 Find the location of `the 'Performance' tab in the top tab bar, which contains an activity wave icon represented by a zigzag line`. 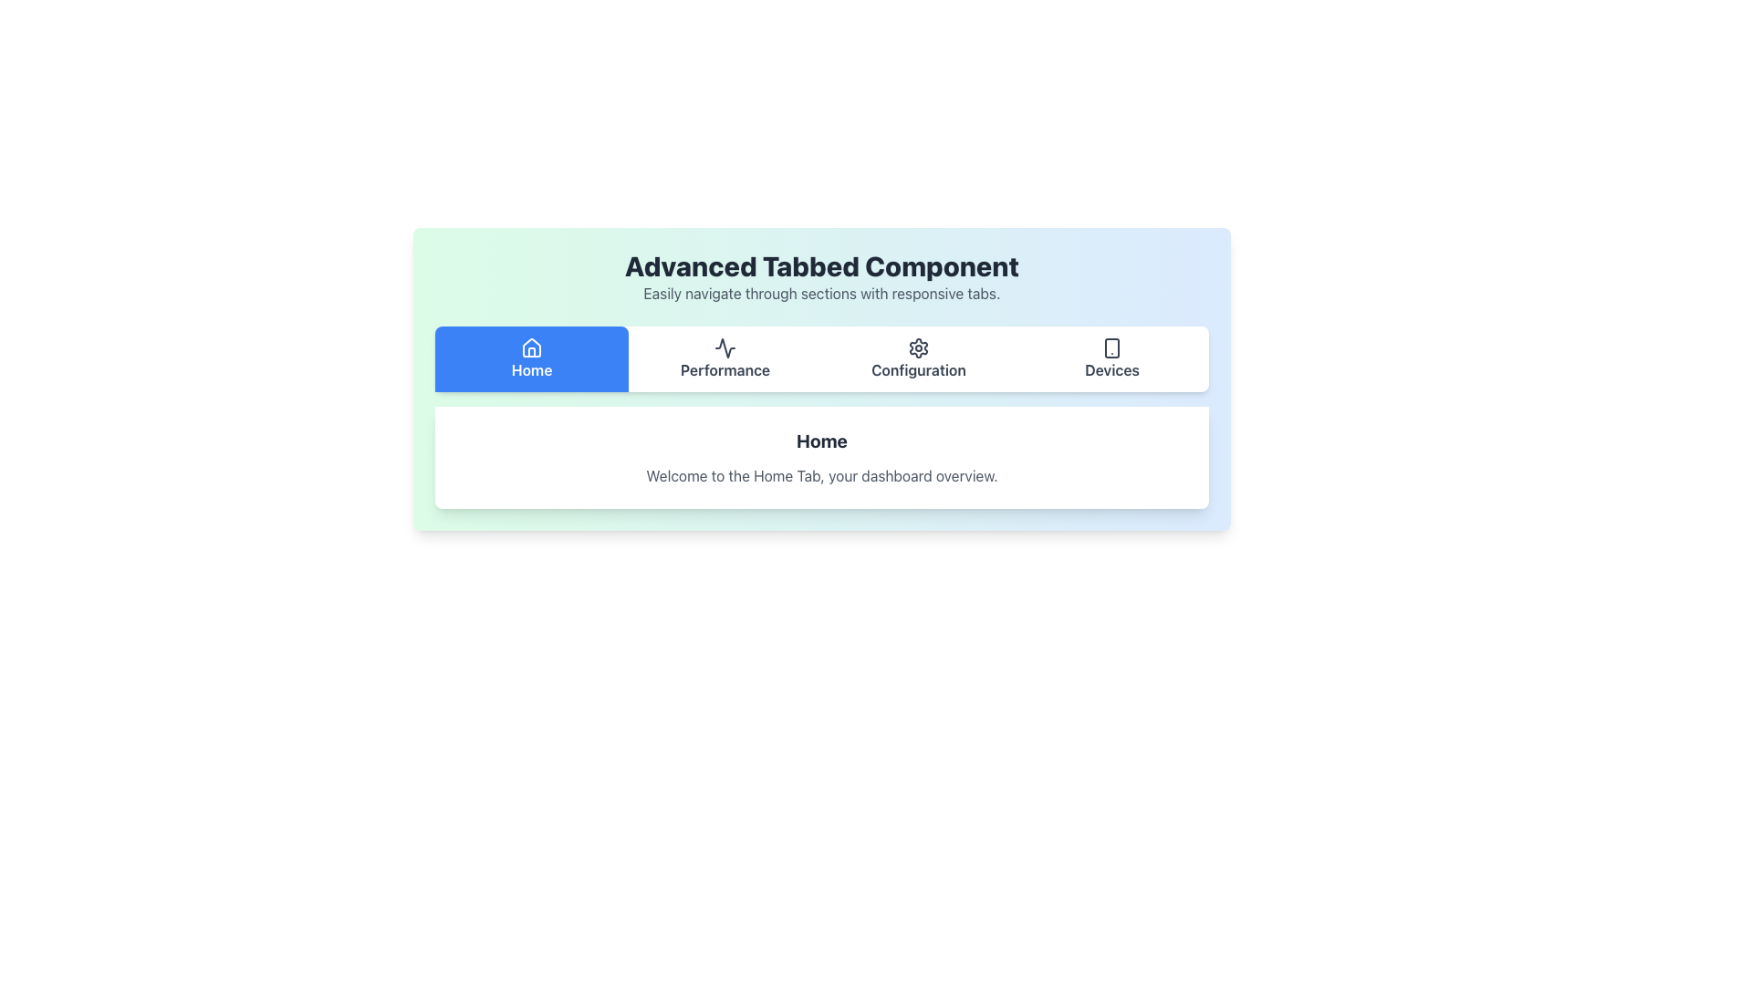

the 'Performance' tab in the top tab bar, which contains an activity wave icon represented by a zigzag line is located at coordinates (725, 347).